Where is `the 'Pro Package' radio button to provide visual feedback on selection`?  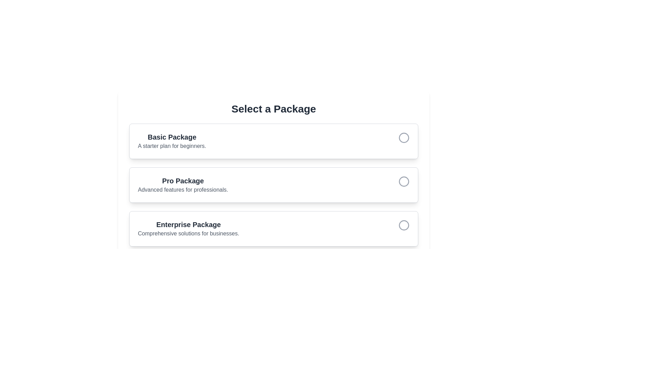
the 'Pro Package' radio button to provide visual feedback on selection is located at coordinates (404, 181).